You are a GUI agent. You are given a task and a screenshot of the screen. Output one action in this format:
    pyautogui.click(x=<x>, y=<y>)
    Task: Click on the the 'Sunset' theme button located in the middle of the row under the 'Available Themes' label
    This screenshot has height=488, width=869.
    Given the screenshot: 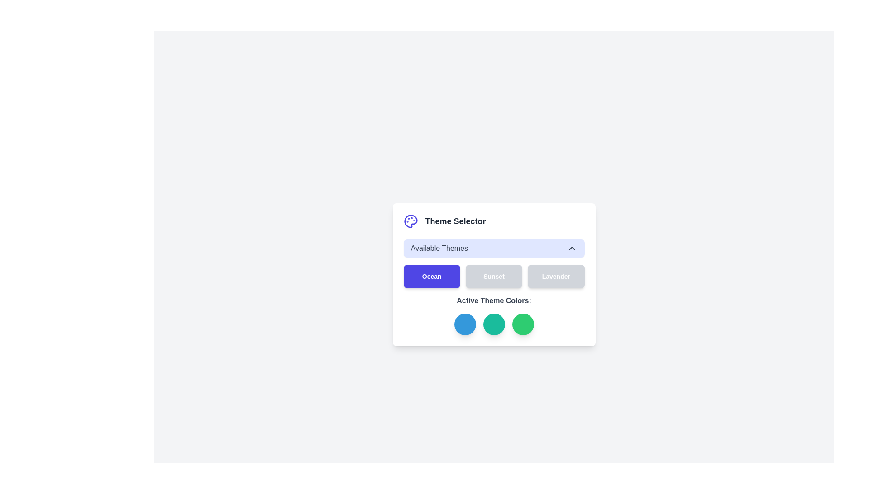 What is the action you would take?
    pyautogui.click(x=493, y=276)
    